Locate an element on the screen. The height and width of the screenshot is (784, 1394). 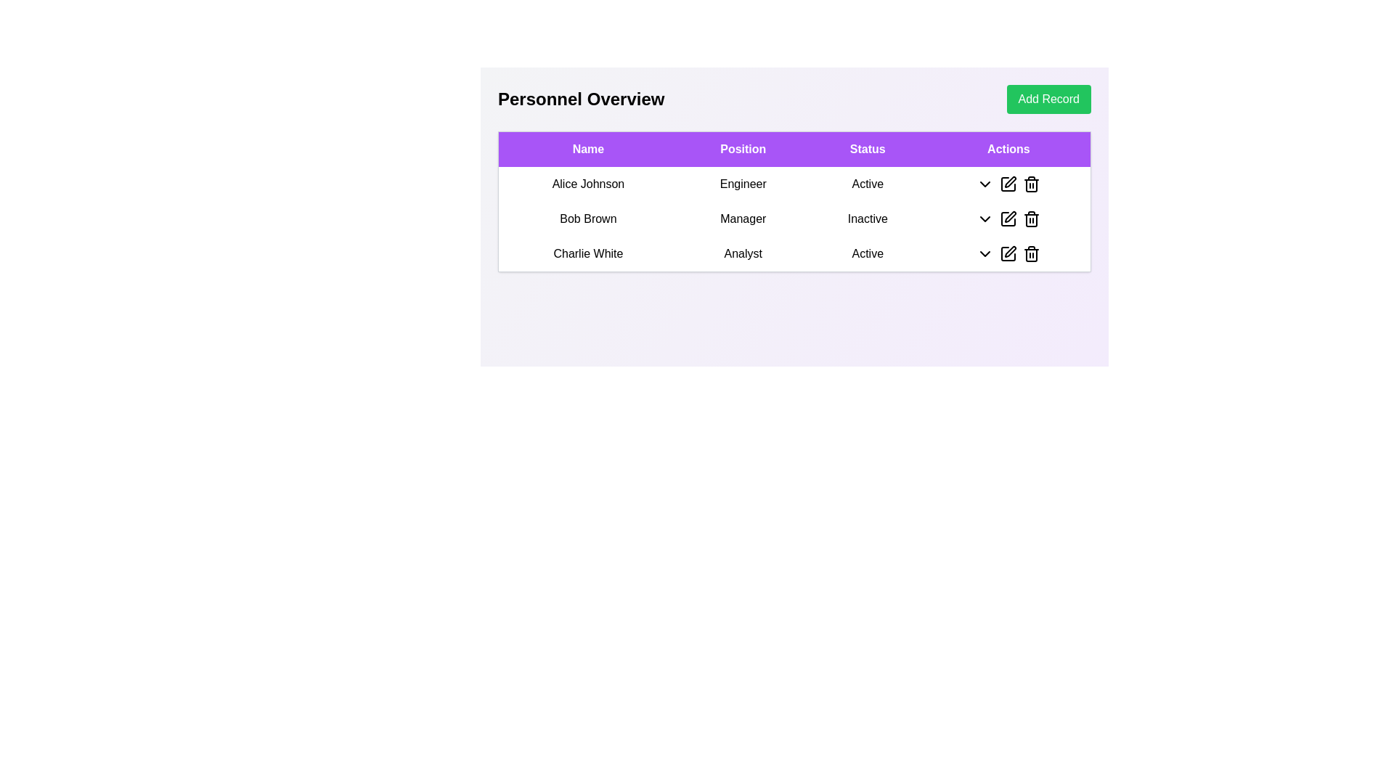
the trash bin icon in the third row under the 'Actions' column to initiate a delete action for Charlie White's entry is located at coordinates (1030, 254).